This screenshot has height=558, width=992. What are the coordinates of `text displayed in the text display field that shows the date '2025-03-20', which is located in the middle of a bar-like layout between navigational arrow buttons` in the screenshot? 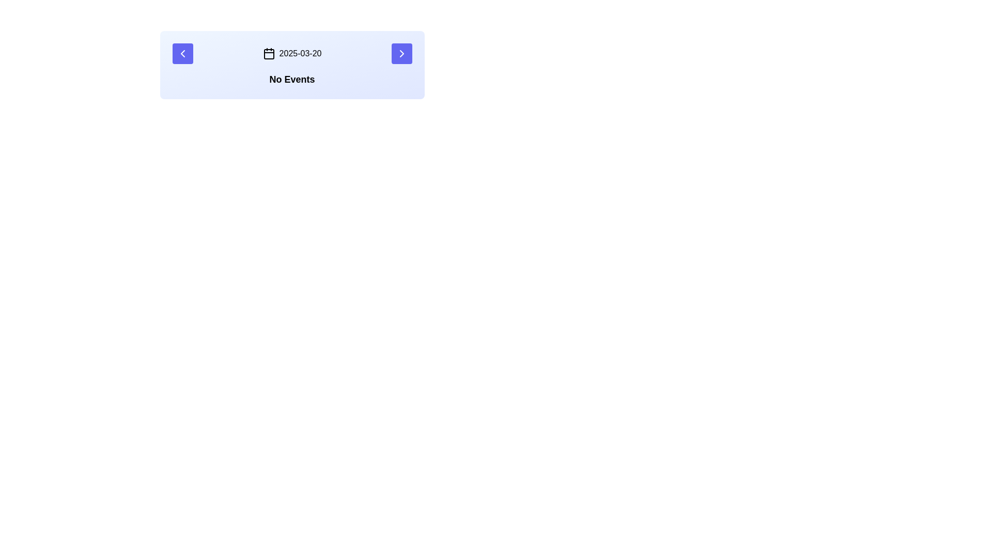 It's located at (291, 54).